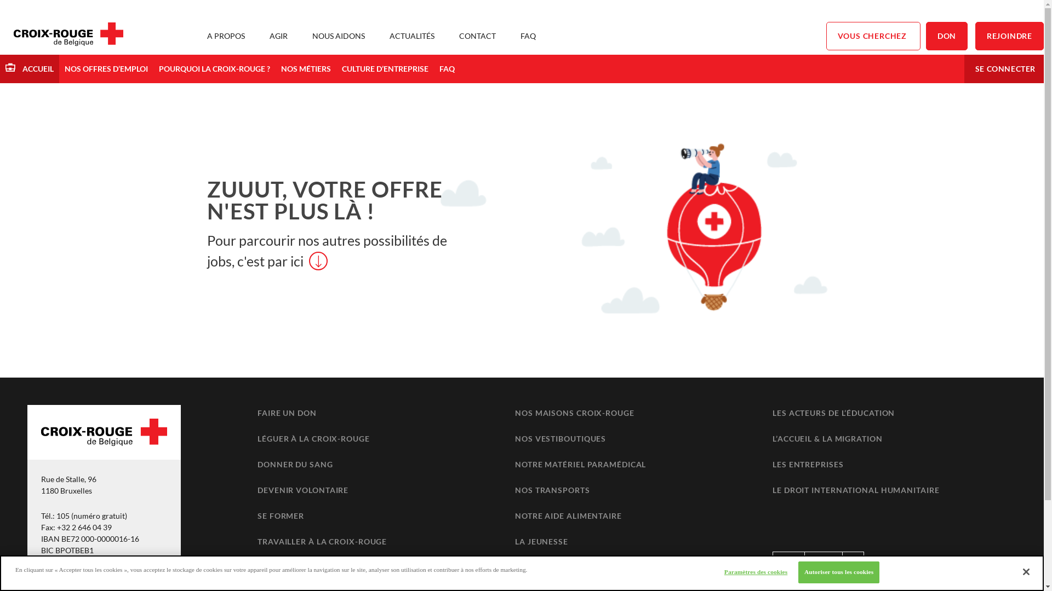 The height and width of the screenshot is (591, 1052). What do you see at coordinates (338, 35) in the screenshot?
I see `'NOUS AIDONS'` at bounding box center [338, 35].